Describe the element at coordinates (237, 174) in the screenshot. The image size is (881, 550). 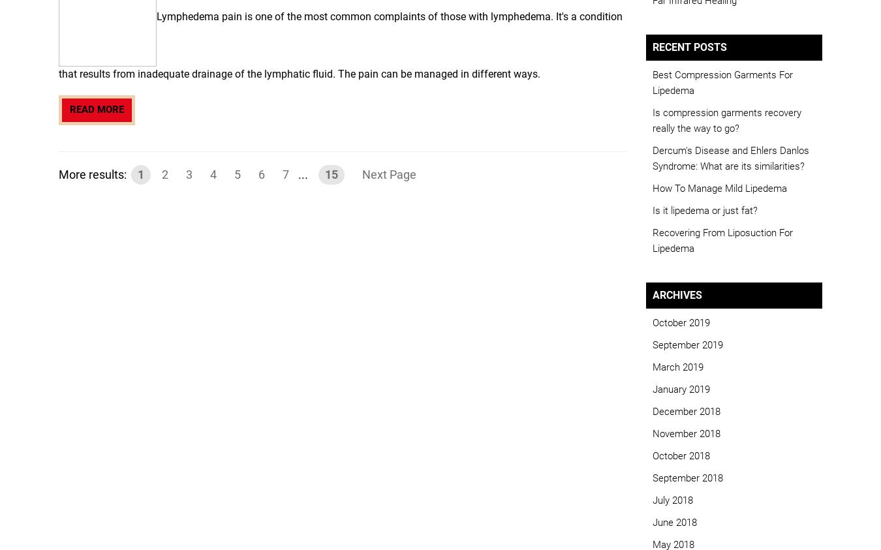
I see `'5'` at that location.